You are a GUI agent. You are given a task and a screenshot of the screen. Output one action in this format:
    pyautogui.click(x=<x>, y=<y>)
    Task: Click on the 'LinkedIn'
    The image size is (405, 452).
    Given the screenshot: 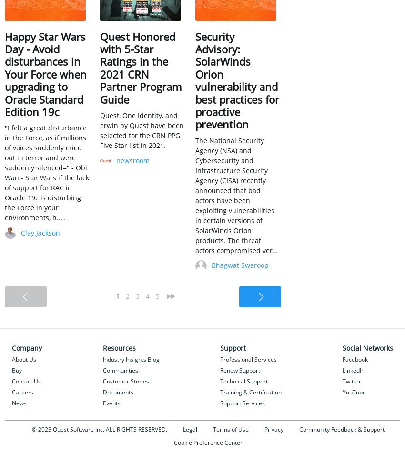 What is the action you would take?
    pyautogui.click(x=353, y=369)
    